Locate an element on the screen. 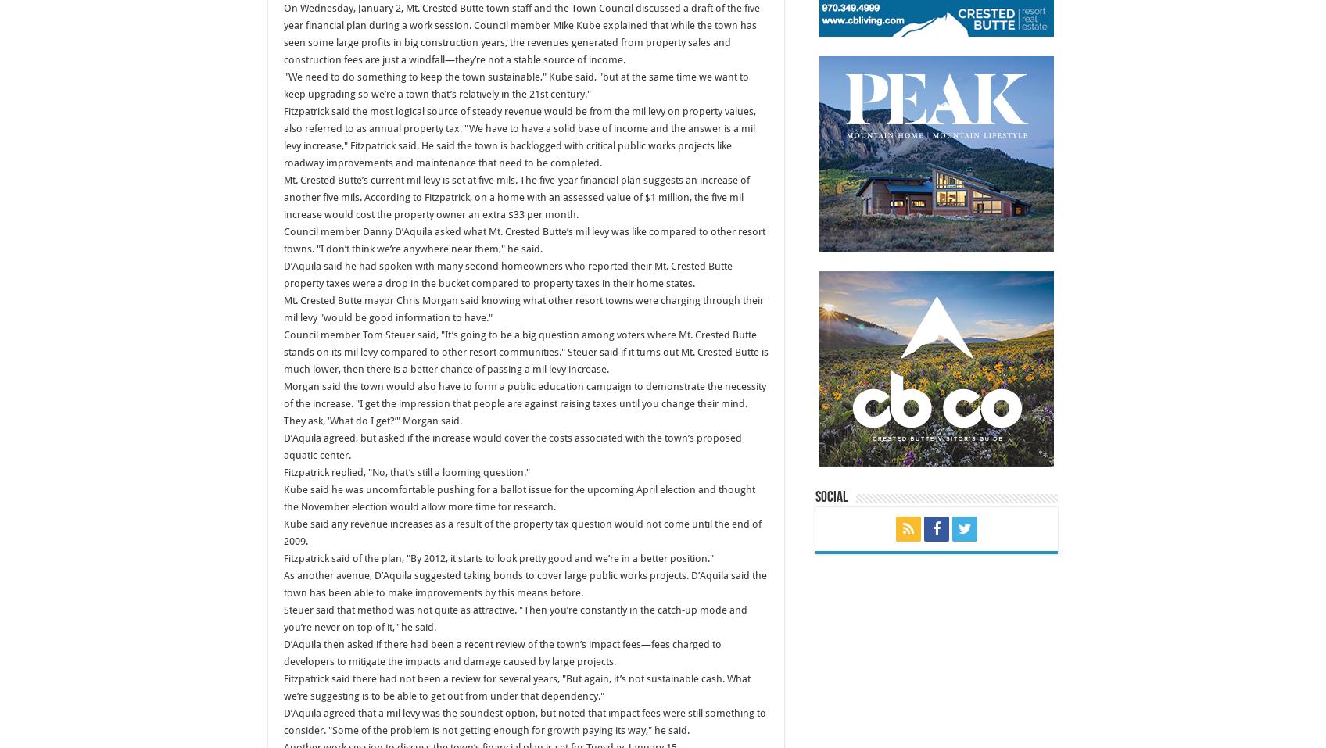 The image size is (1326, 748). 'Social' is located at coordinates (831, 496).